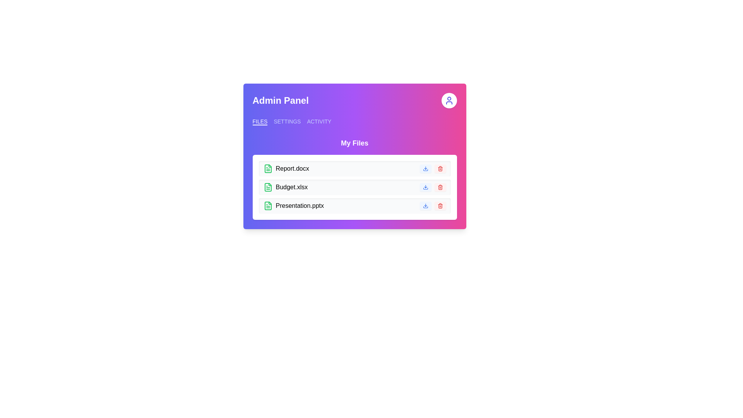 The height and width of the screenshot is (418, 743). What do you see at coordinates (268, 187) in the screenshot?
I see `the Excel file icon representing 'Budget.xlsx' from its current position in the 'My Files' section` at bounding box center [268, 187].